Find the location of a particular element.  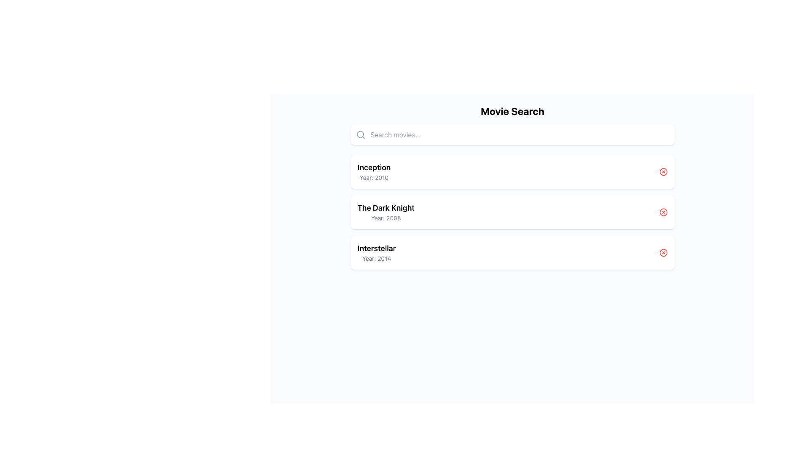

the circular element that visually appears as part of a search icon within an SVG graphic, positioned to the left of the search input field is located at coordinates (360, 134).